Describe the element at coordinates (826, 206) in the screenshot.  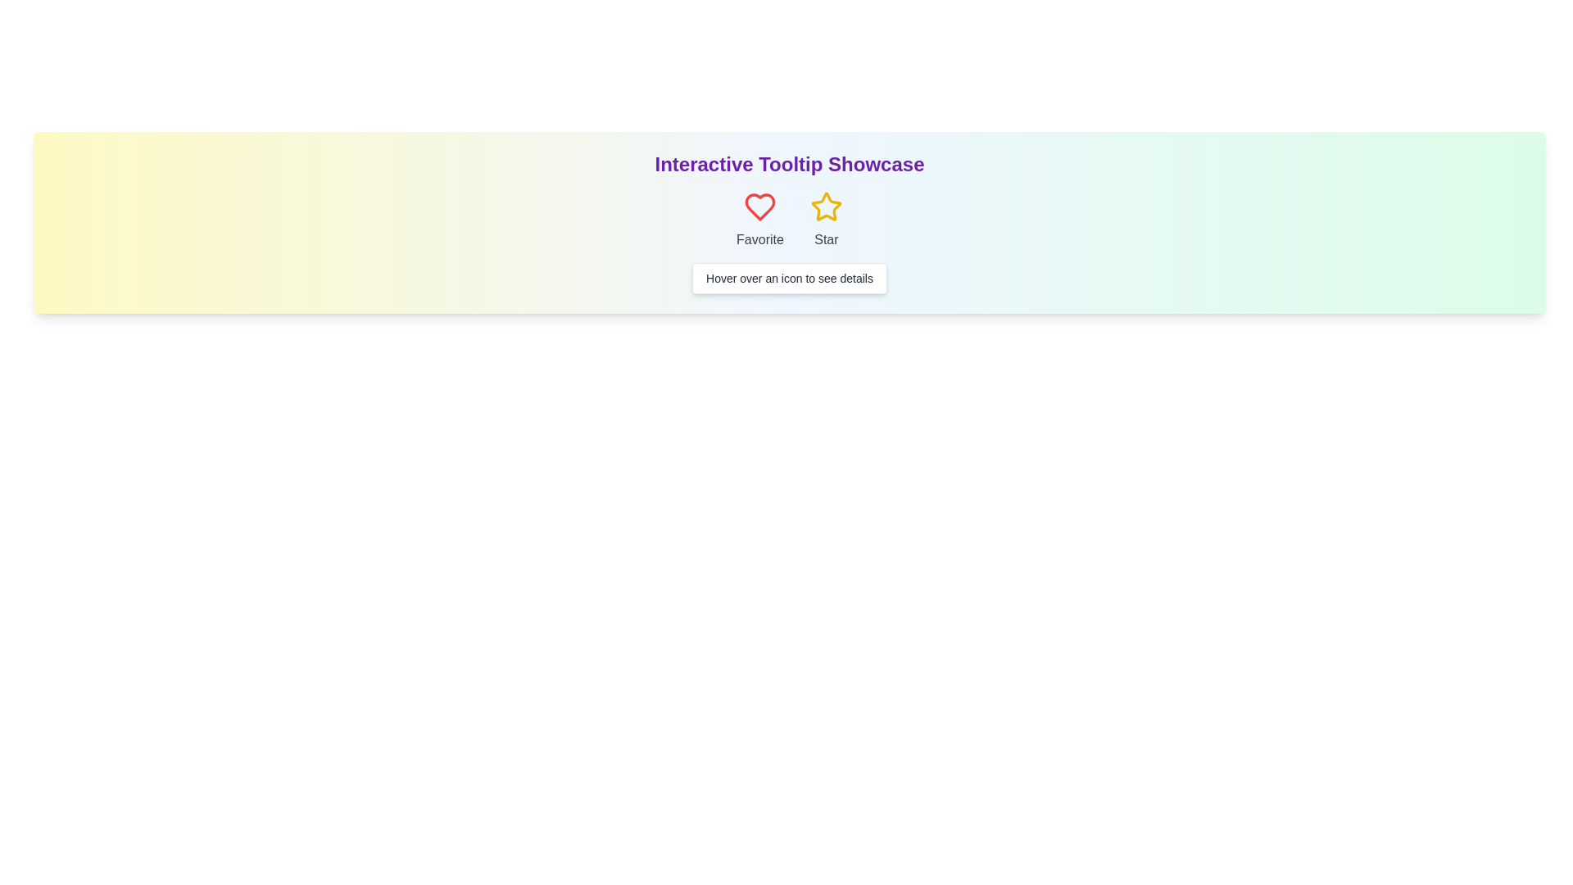
I see `the 'Star' icon, which is the second icon in a centered row, located to the right of the heart icon and under the 'Star' label` at that location.